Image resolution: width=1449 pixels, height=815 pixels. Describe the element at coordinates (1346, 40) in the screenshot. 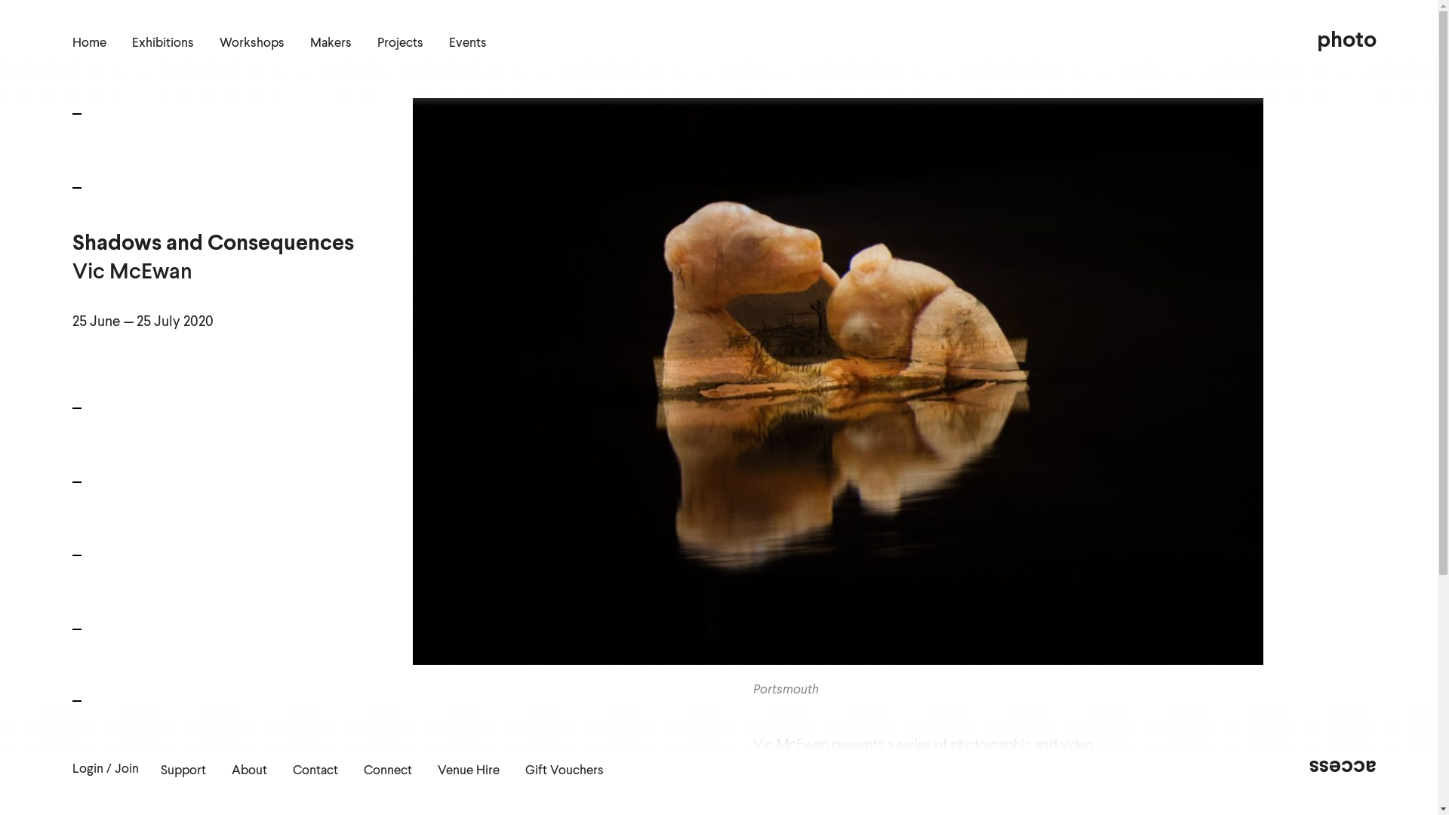

I see `'photo'` at that location.